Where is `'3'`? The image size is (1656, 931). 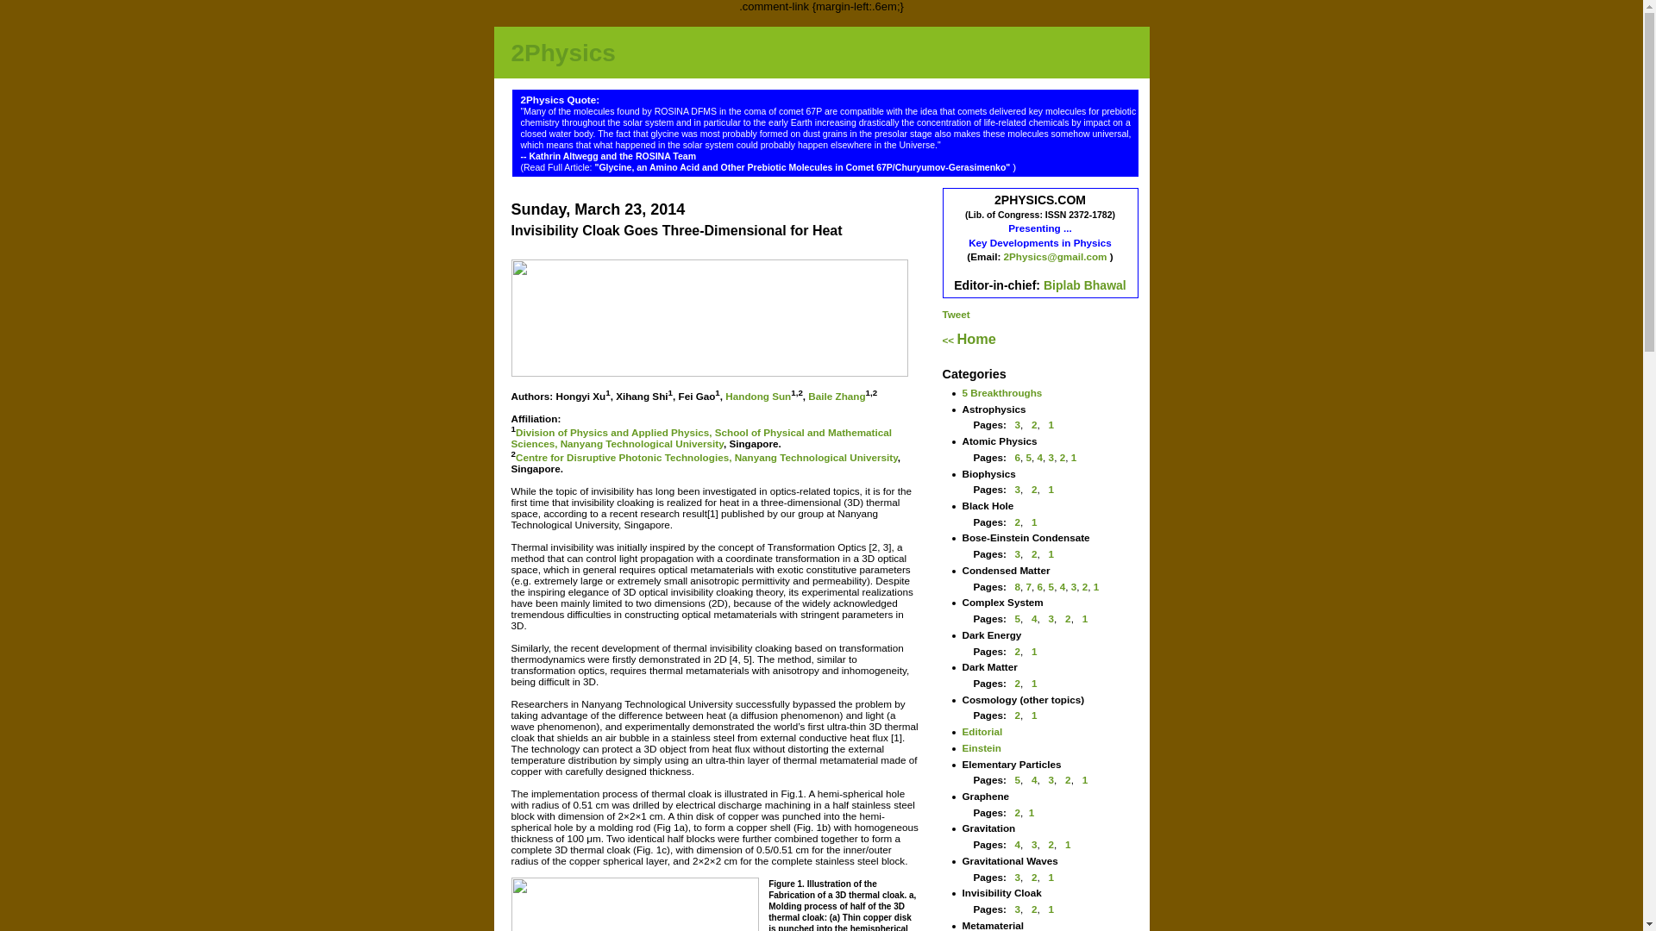 '3' is located at coordinates (1051, 456).